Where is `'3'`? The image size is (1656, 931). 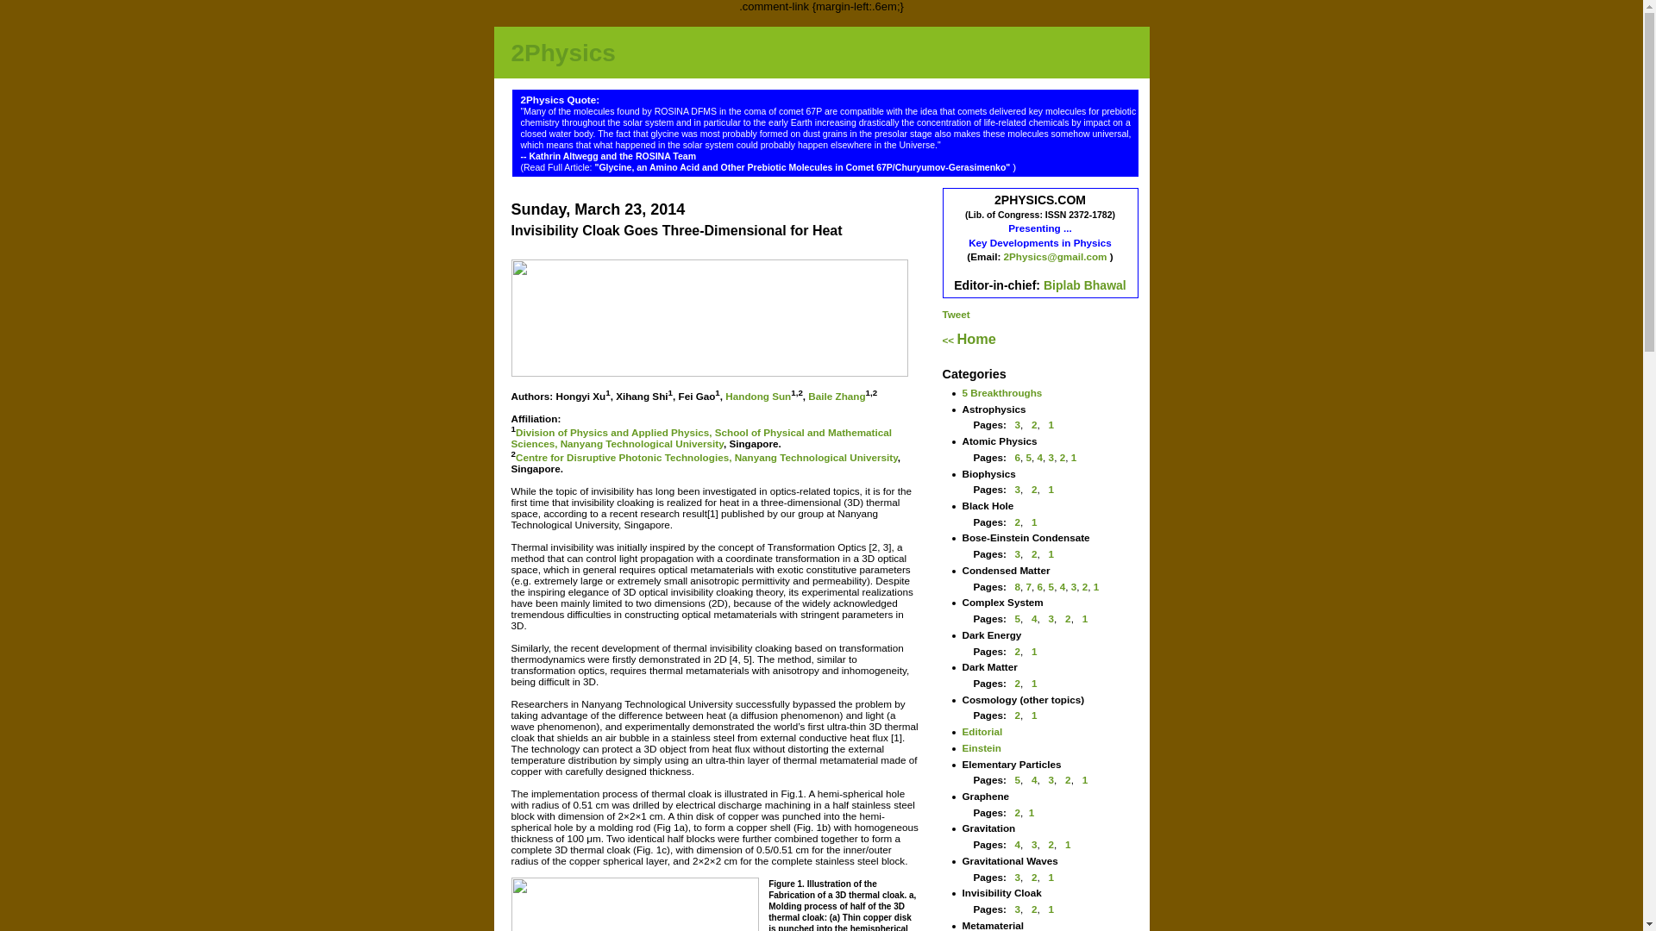 '3' is located at coordinates (1051, 456).